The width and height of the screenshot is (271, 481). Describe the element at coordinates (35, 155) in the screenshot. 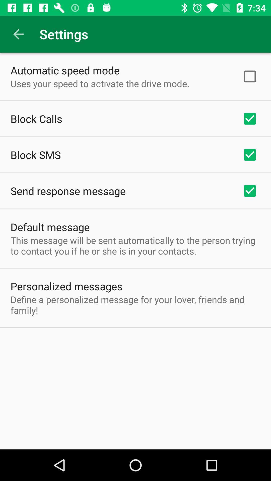

I see `the block sms` at that location.